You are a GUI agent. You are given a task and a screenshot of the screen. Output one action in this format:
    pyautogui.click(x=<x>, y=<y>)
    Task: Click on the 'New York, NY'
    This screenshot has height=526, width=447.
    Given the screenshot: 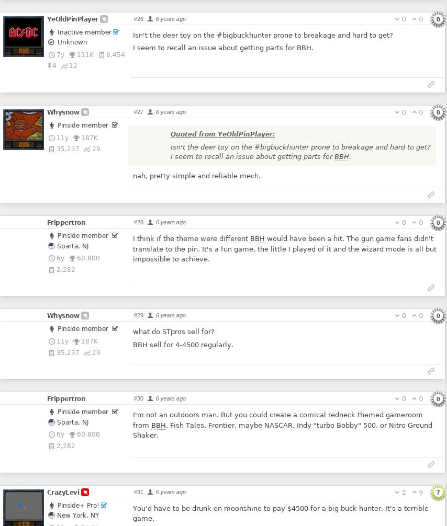 What is the action you would take?
    pyautogui.click(x=76, y=514)
    